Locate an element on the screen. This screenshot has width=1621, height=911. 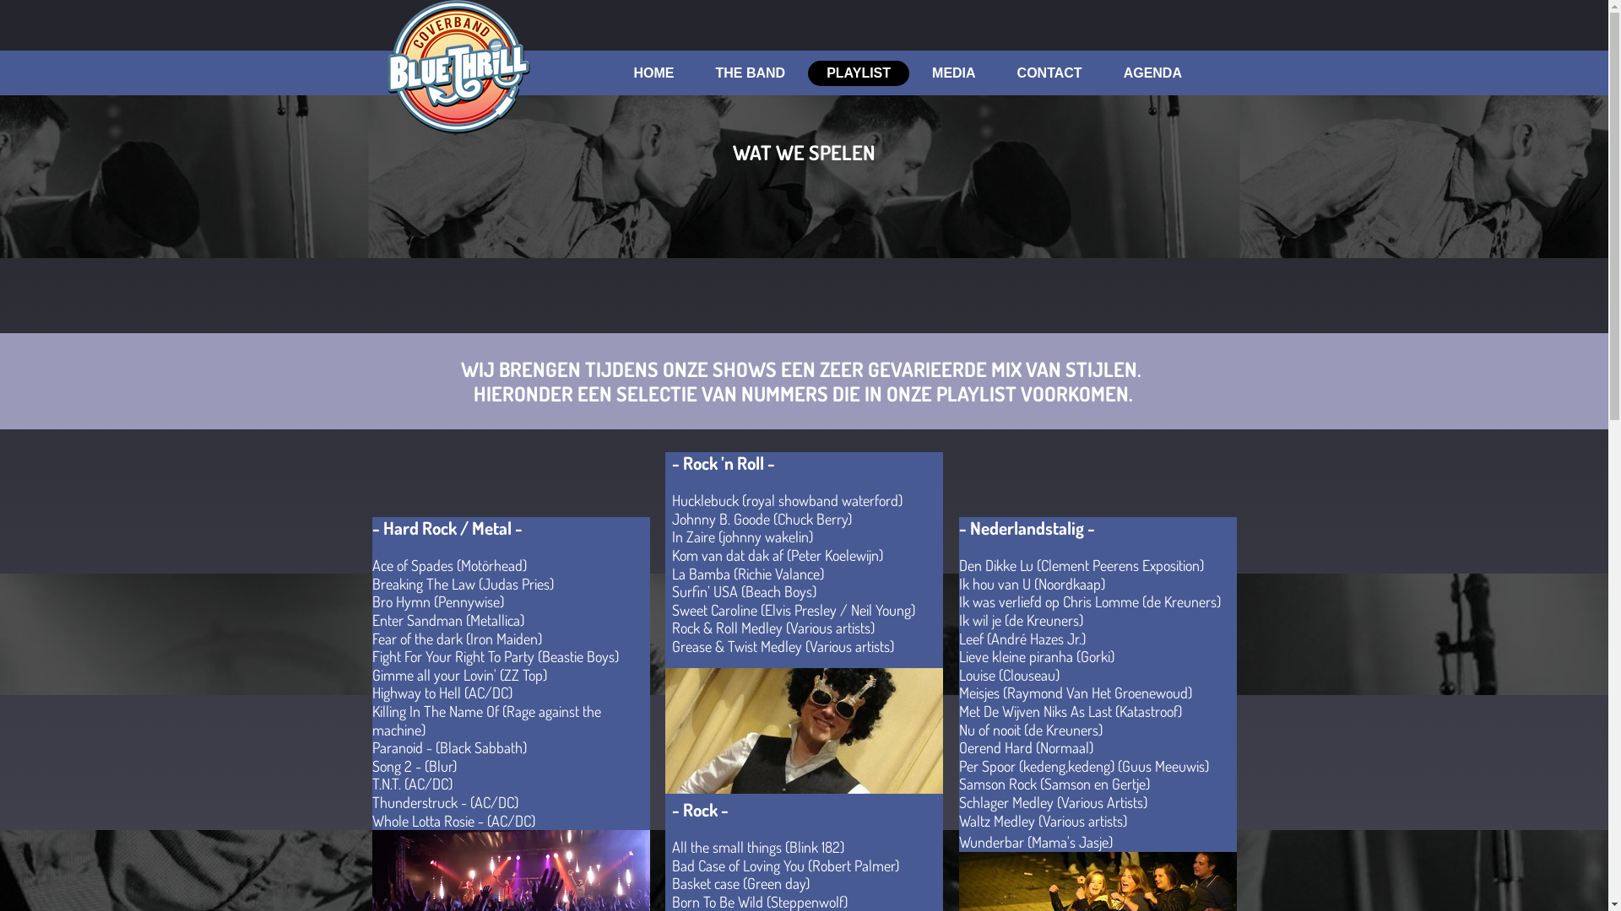
'HOME' is located at coordinates (652, 73).